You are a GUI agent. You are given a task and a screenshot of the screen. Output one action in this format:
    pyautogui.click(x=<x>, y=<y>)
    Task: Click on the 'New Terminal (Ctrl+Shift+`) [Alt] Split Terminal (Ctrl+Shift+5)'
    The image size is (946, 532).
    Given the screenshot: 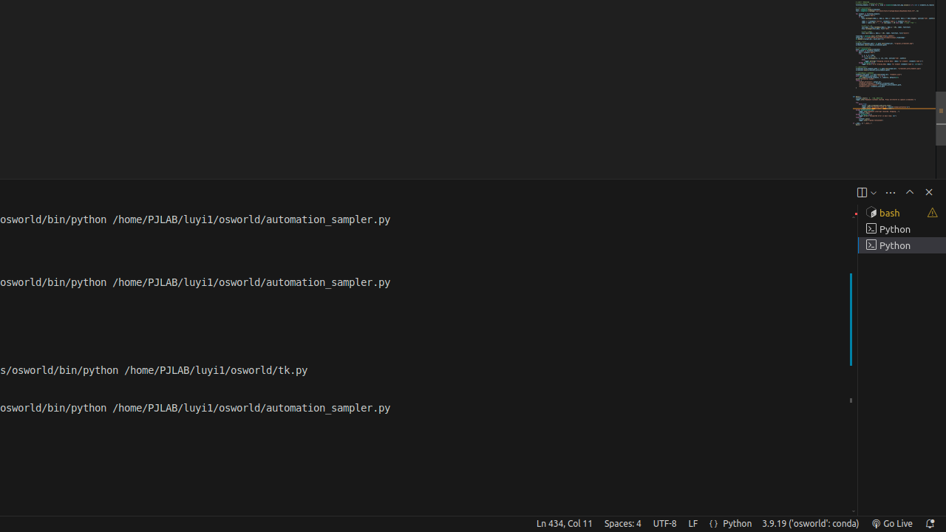 What is the action you would take?
    pyautogui.click(x=861, y=191)
    